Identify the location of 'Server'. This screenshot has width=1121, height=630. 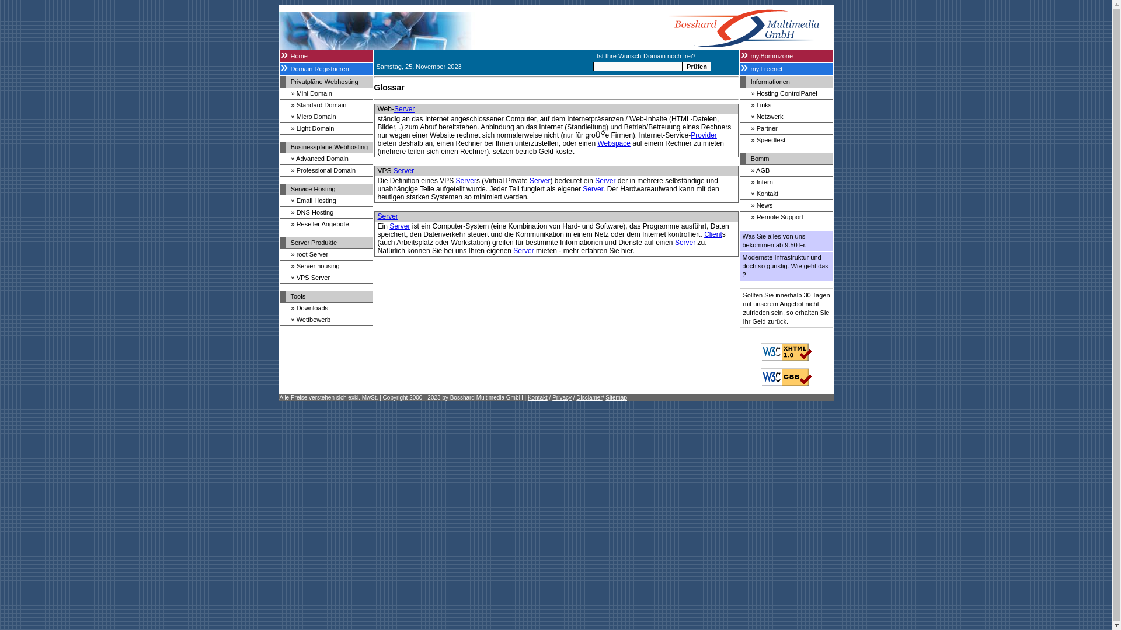
(404, 108).